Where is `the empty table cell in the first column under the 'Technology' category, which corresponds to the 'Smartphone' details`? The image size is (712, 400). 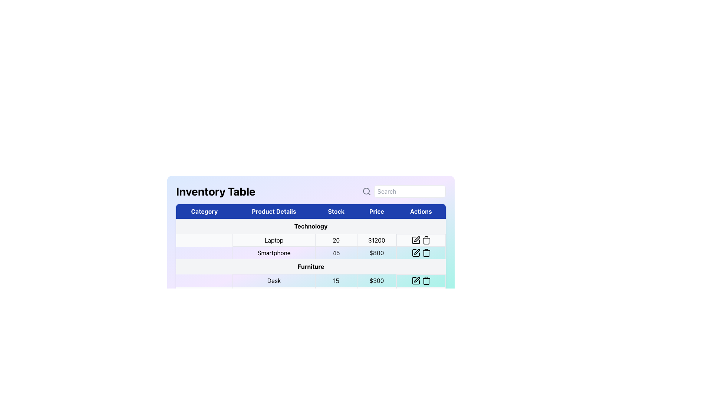 the empty table cell in the first column under the 'Technology' category, which corresponds to the 'Smartphone' details is located at coordinates (204, 252).